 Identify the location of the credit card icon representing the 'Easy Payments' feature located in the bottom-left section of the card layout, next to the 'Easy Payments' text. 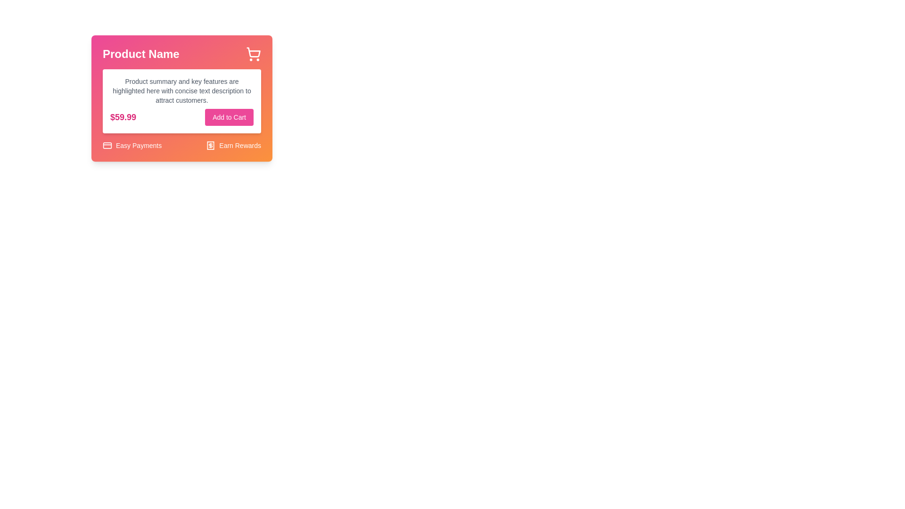
(107, 145).